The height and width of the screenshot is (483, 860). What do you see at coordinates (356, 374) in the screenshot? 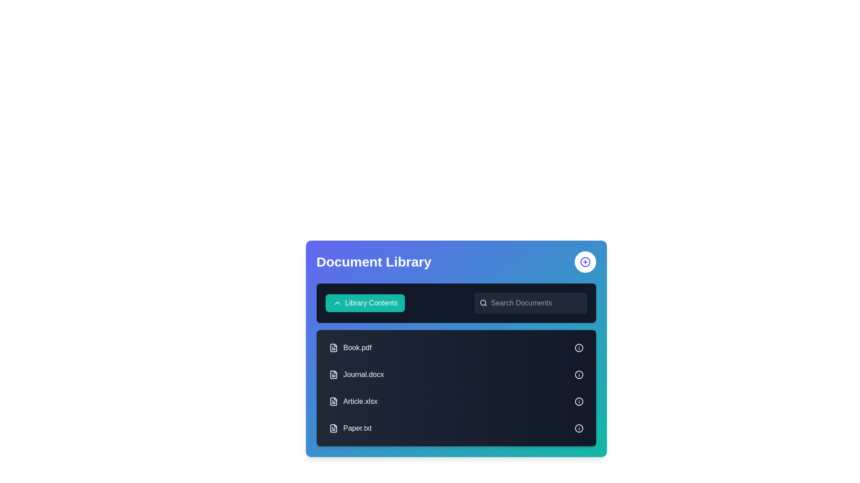
I see `to select the file represented by the second entry in the vertical list of files, positioned between 'Book.pdf' and 'Article.xlsx'` at bounding box center [356, 374].